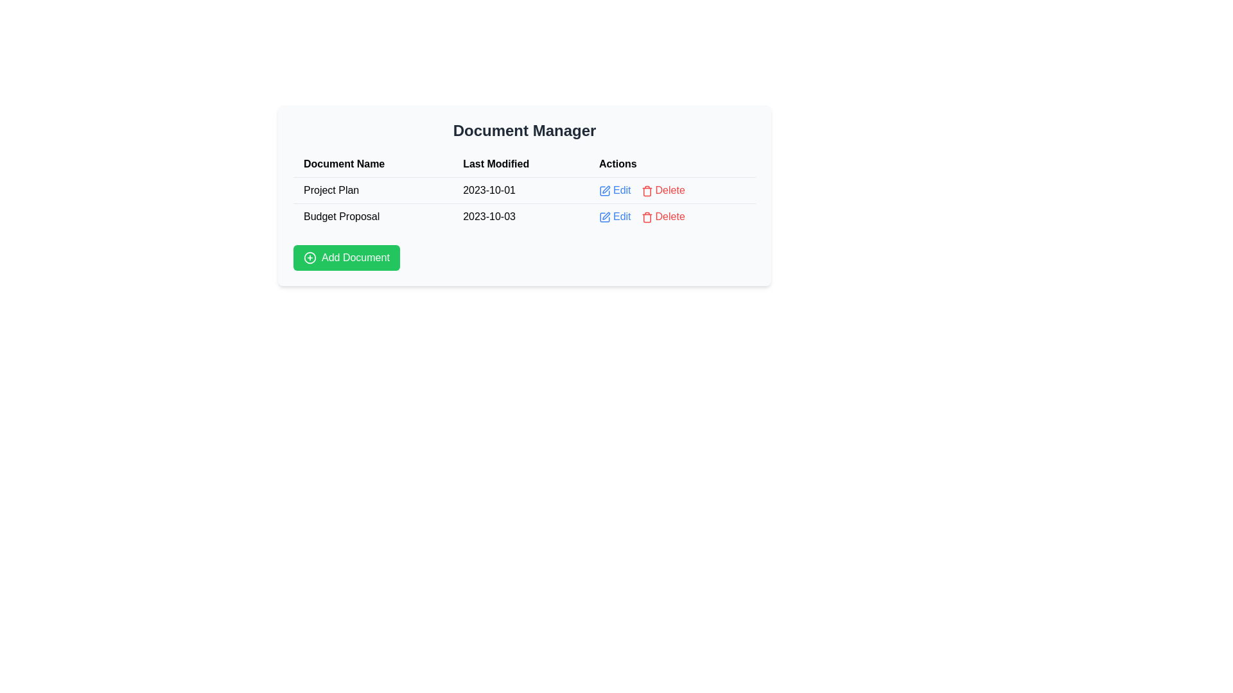 Image resolution: width=1233 pixels, height=693 pixels. What do you see at coordinates (524, 216) in the screenshot?
I see `the 'Delete' button in the second row of the Document Manager table` at bounding box center [524, 216].